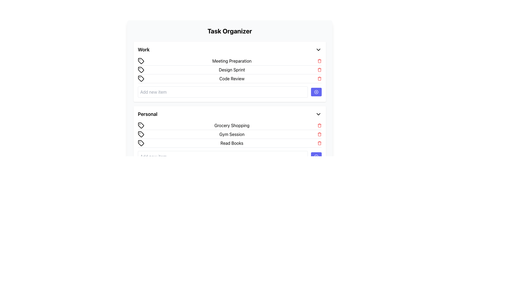 The width and height of the screenshot is (513, 289). What do you see at coordinates (232, 70) in the screenshot?
I see `the Text Label representing a task in the 'Work' category, which is the second item in the list under 'Work', located between 'Meeting Preparation' and 'Code Review'` at bounding box center [232, 70].